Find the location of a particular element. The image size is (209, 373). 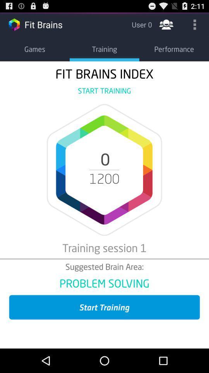

the app to the right of the user 0 item is located at coordinates (166, 24).